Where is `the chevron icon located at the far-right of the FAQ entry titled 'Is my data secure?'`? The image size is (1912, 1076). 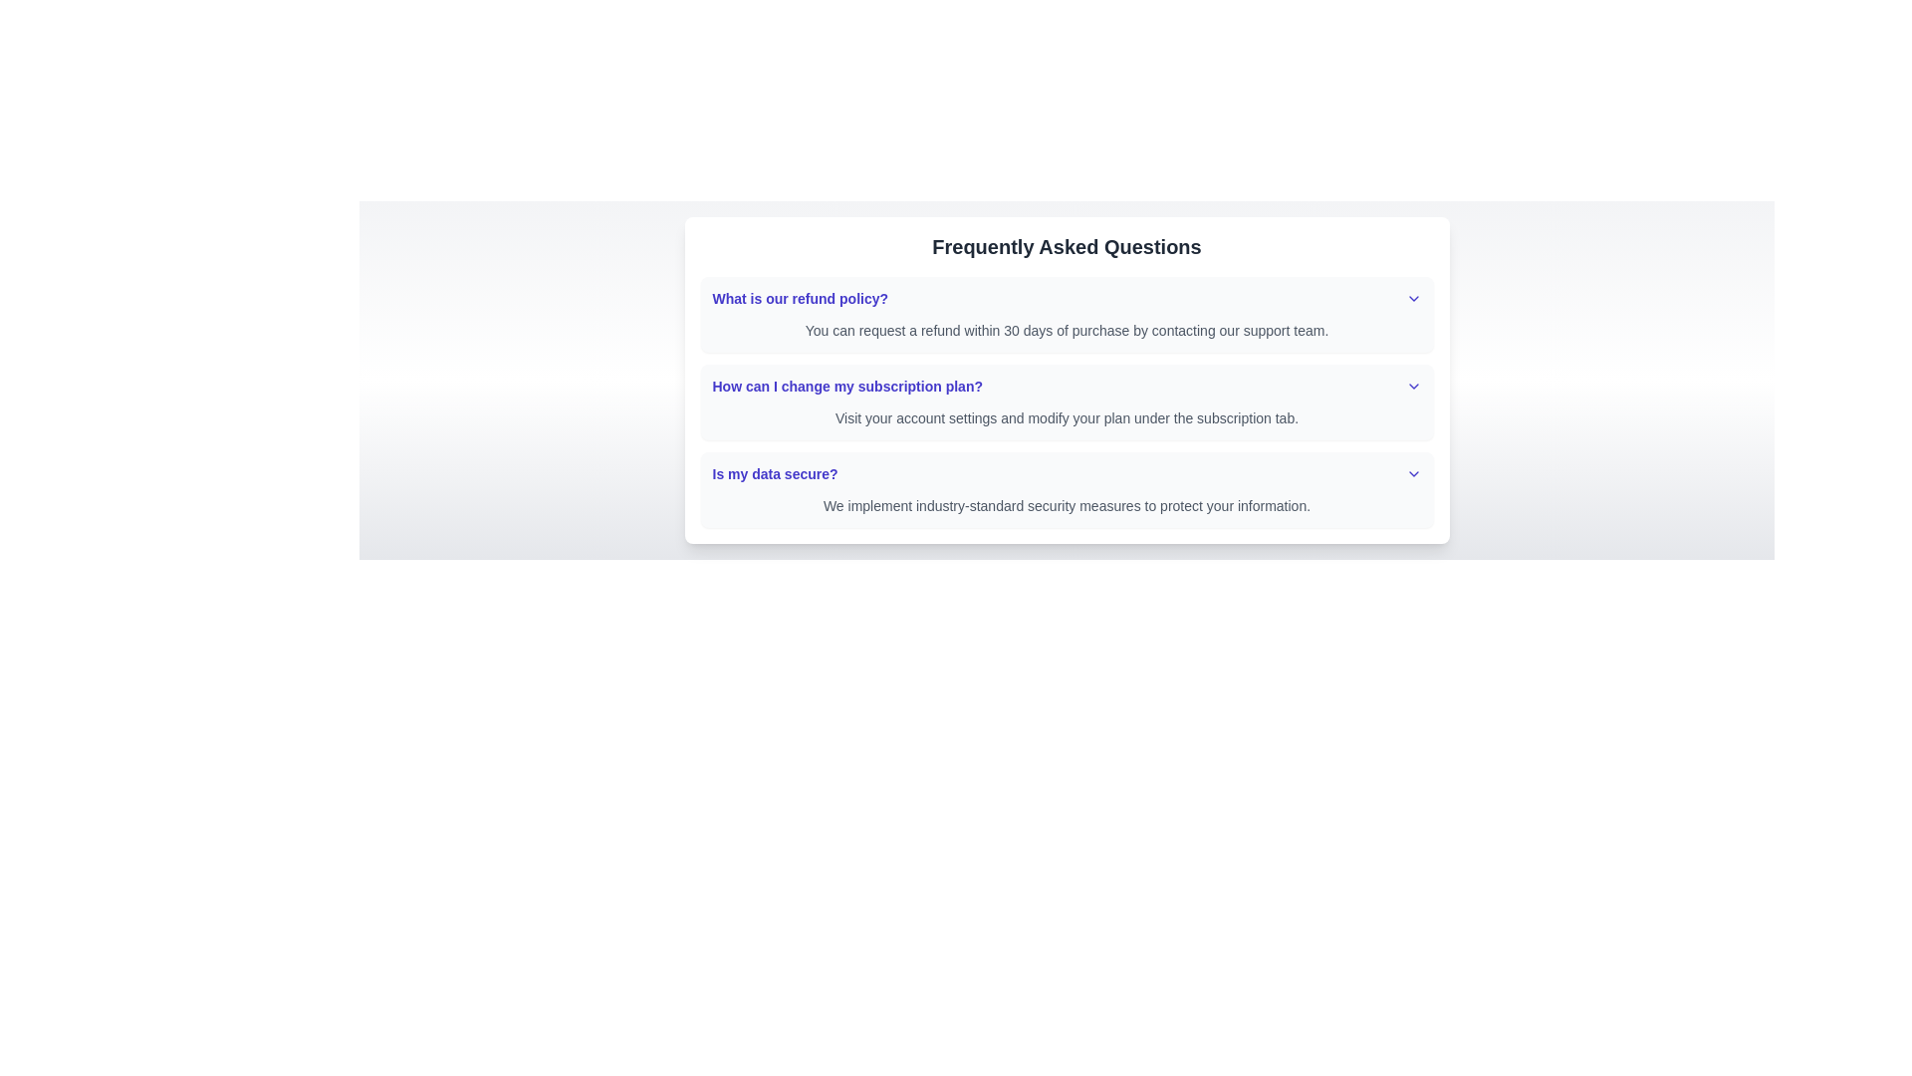 the chevron icon located at the far-right of the FAQ entry titled 'Is my data secure?' is located at coordinates (1412, 473).